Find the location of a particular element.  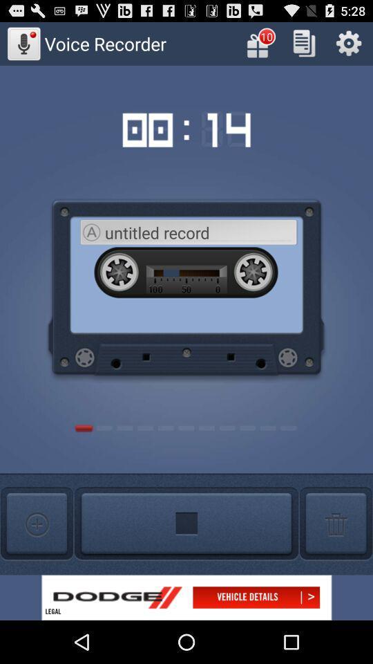

delete is located at coordinates (335, 523).